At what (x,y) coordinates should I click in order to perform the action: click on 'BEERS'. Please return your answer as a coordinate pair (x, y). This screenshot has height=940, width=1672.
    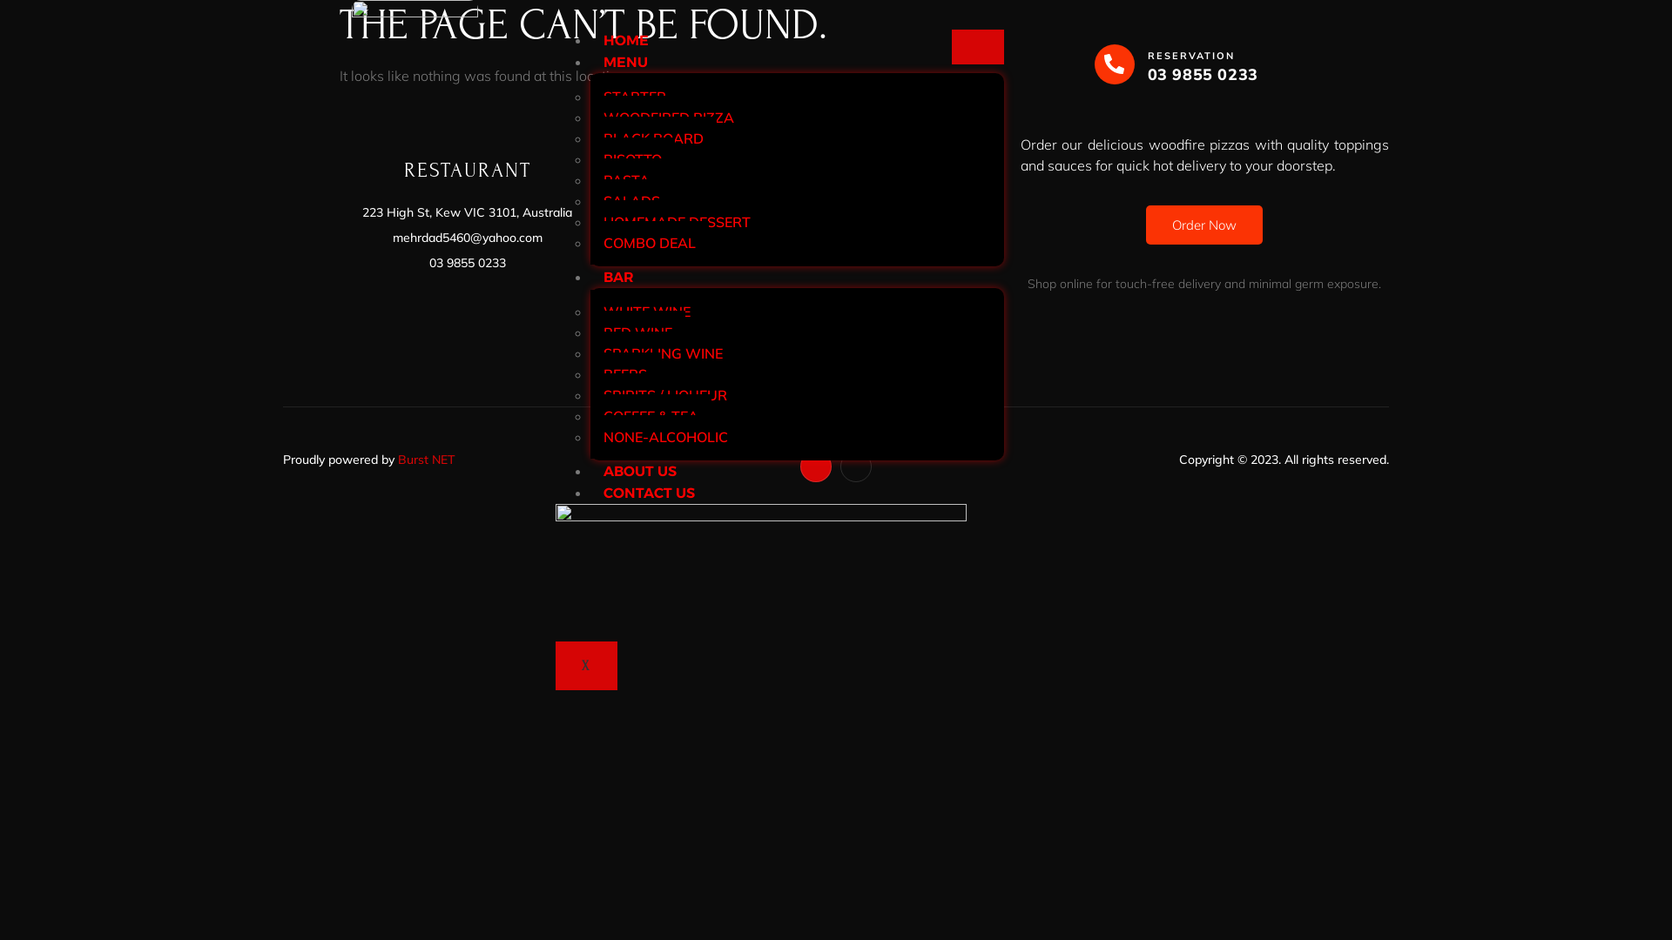
    Looking at the image, I should click on (625, 373).